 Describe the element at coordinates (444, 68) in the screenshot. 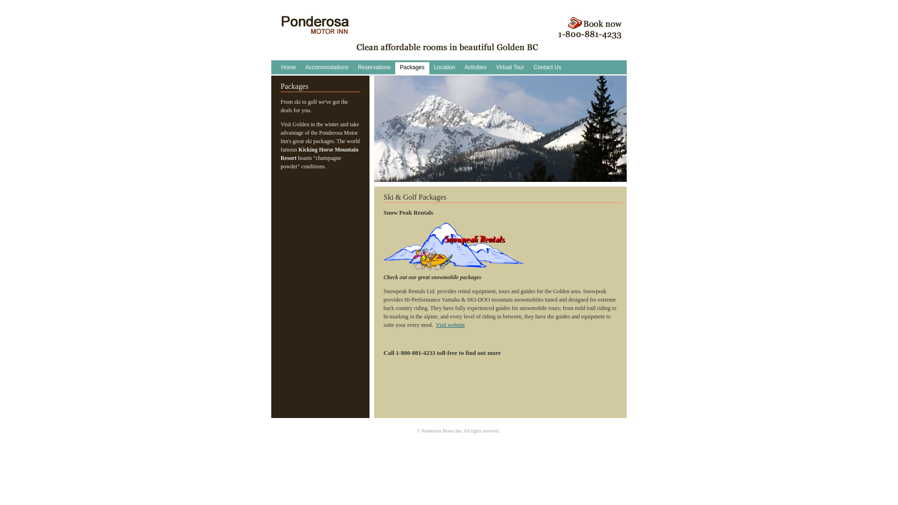

I see `'Location'` at that location.